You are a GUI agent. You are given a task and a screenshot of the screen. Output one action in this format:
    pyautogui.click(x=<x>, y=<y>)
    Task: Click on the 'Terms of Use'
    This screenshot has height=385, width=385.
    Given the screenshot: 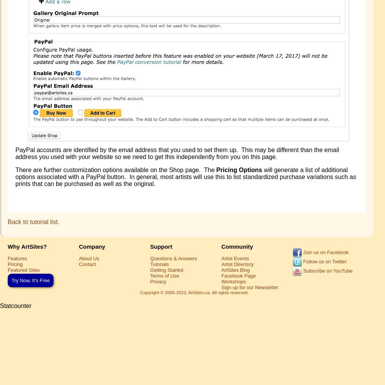 What is the action you would take?
    pyautogui.click(x=164, y=275)
    